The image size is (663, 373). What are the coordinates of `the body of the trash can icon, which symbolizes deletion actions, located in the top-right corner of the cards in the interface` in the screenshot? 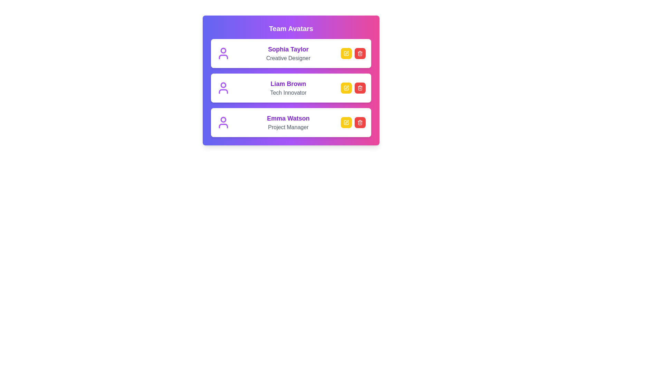 It's located at (359, 88).